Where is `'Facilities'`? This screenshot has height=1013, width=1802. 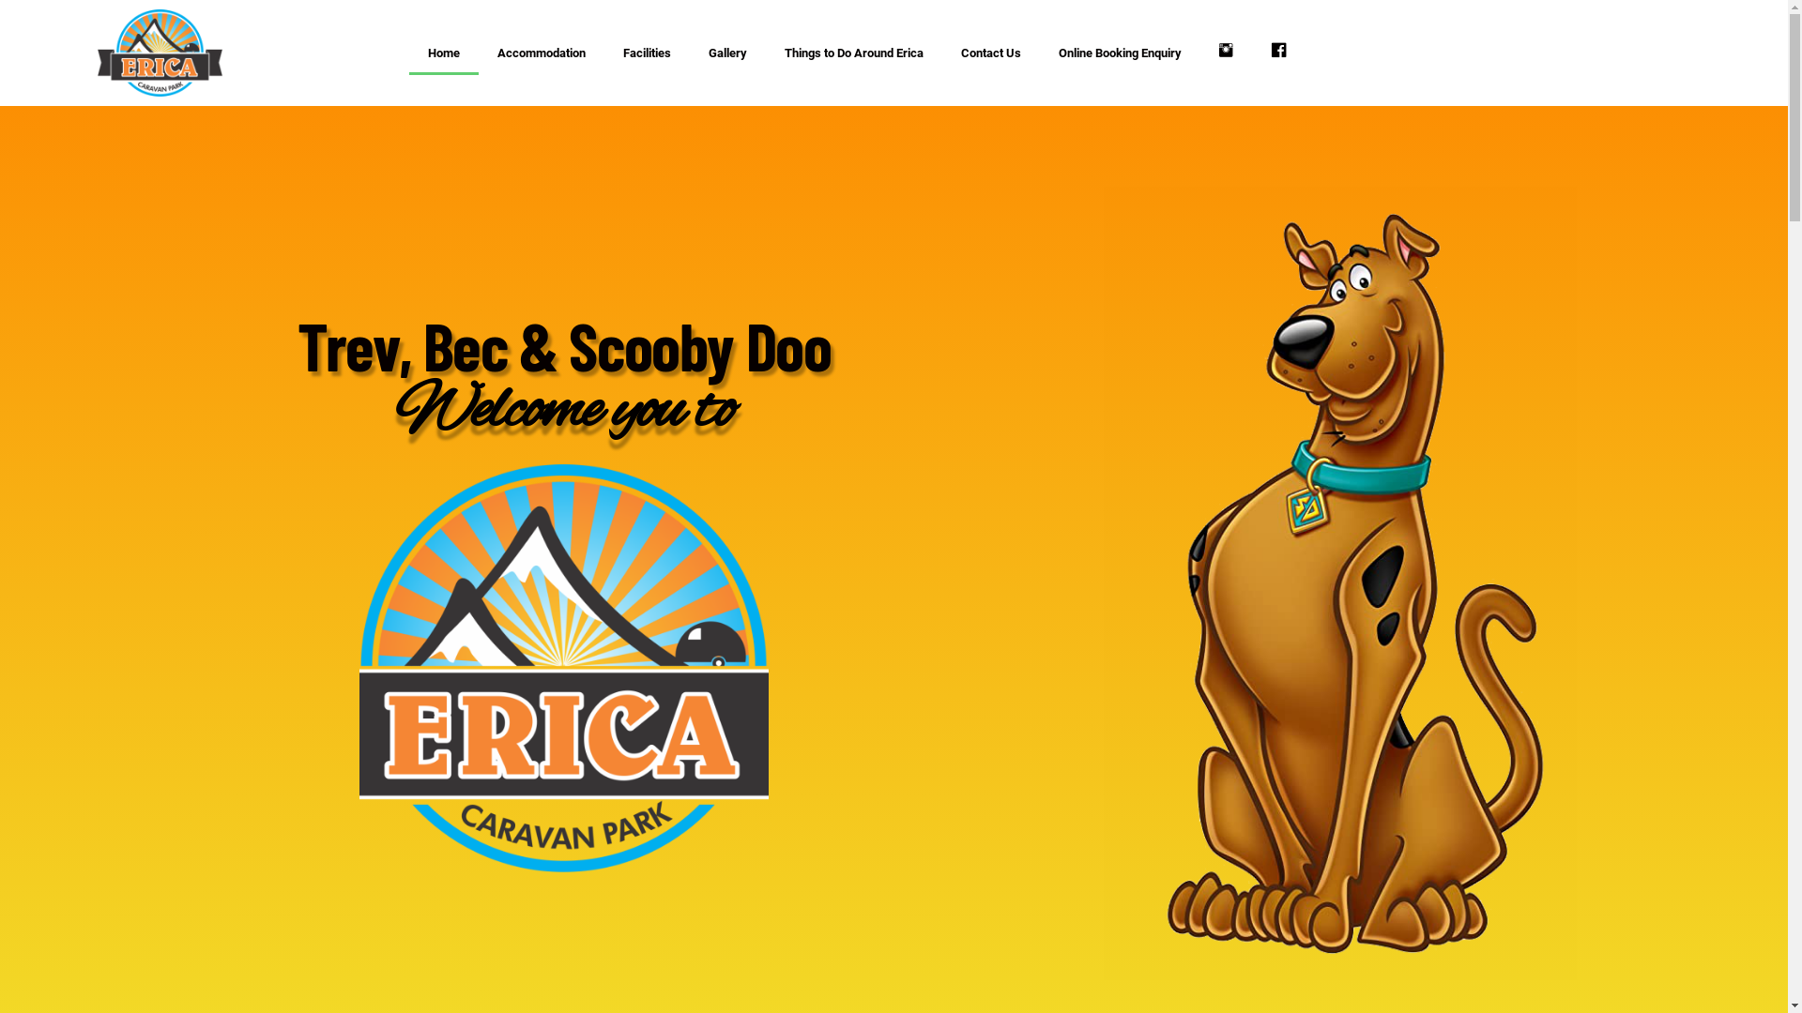
'Facilities' is located at coordinates (647, 53).